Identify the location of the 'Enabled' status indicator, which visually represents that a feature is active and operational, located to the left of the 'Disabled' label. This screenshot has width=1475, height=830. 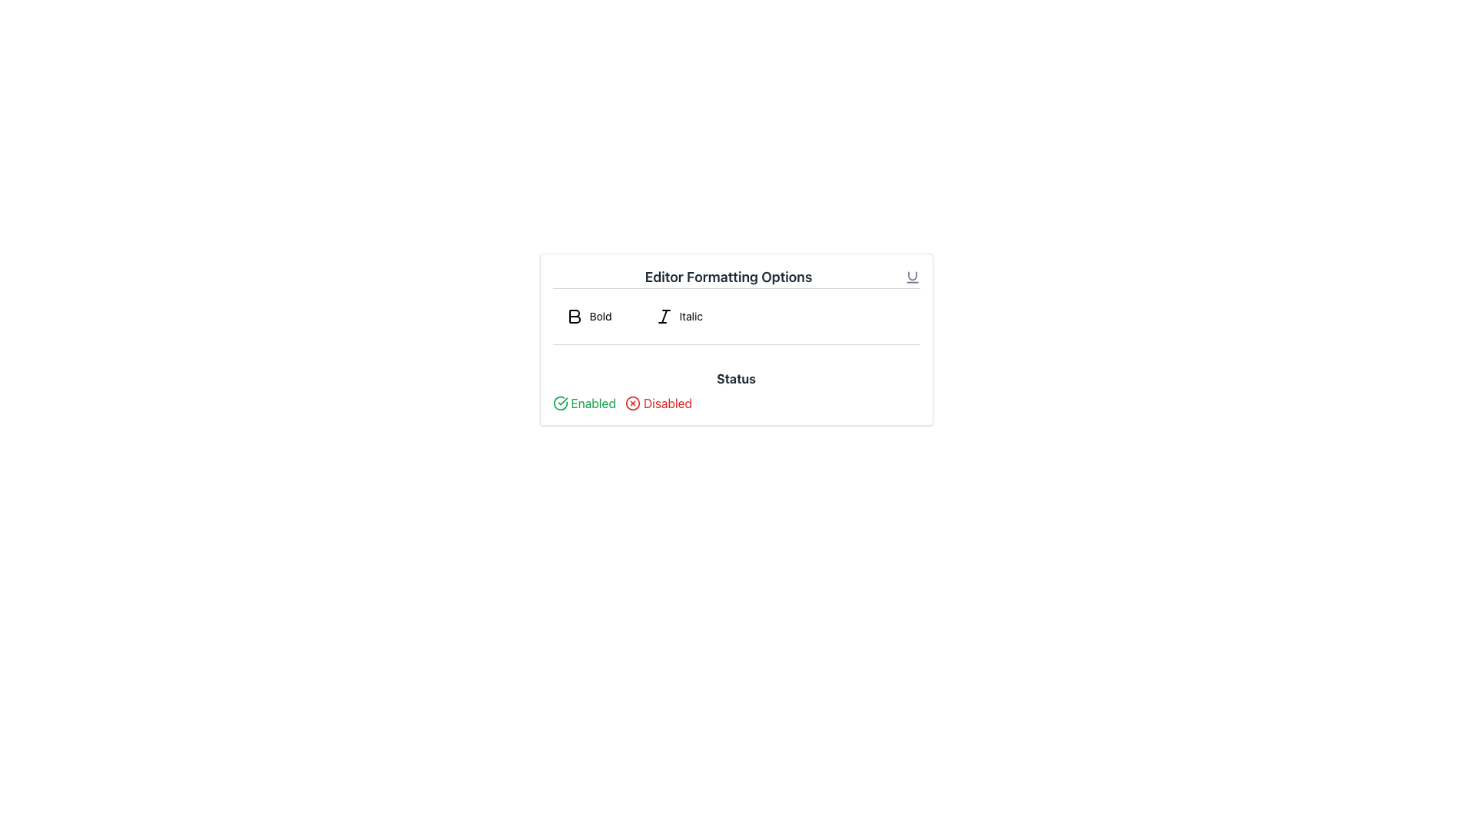
(583, 402).